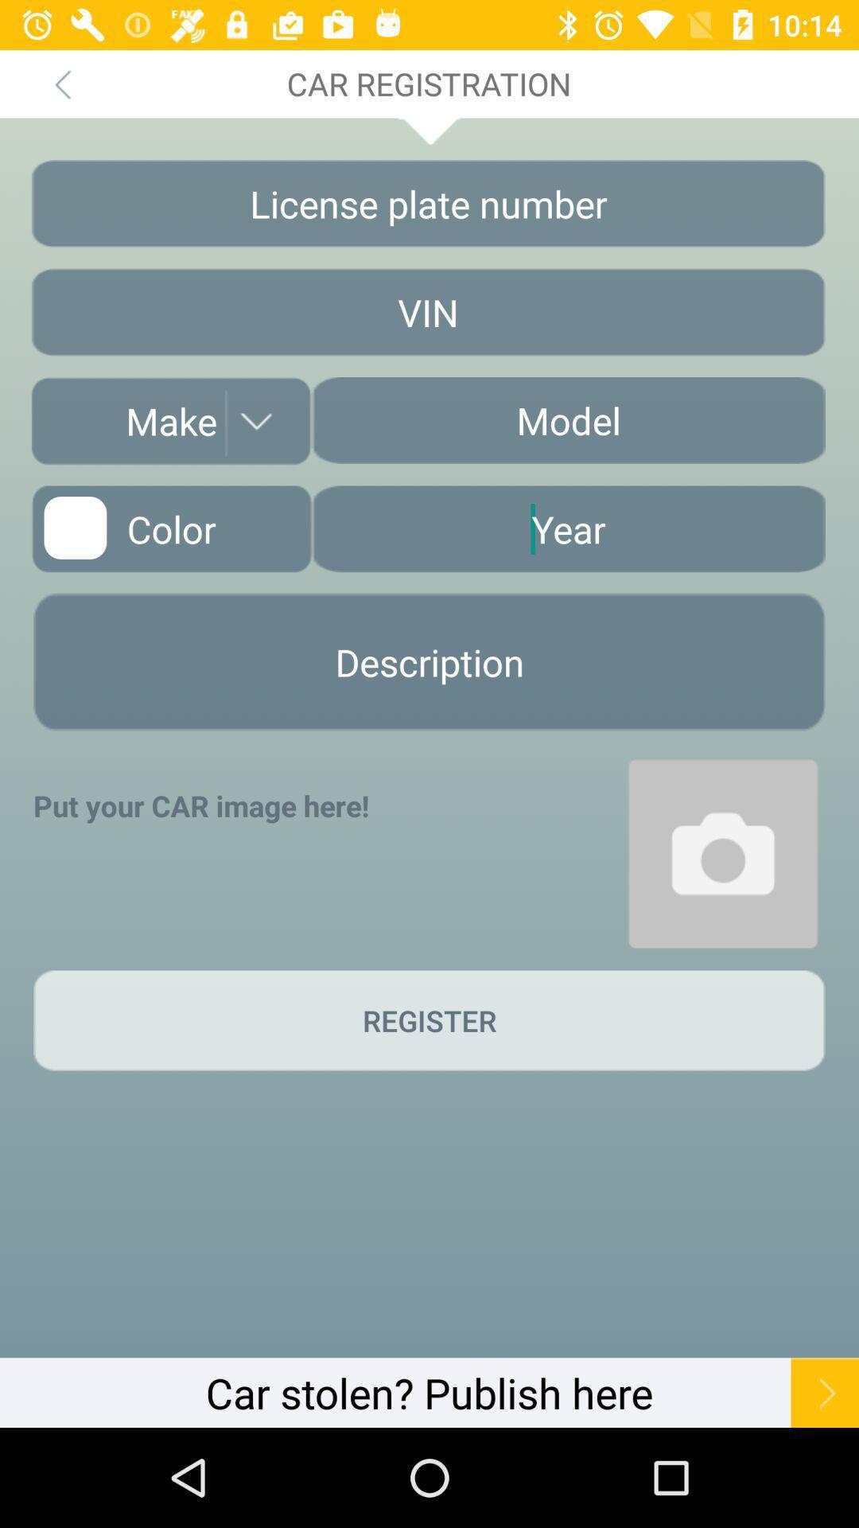 The width and height of the screenshot is (859, 1528). I want to click on description option, so click(429, 662).